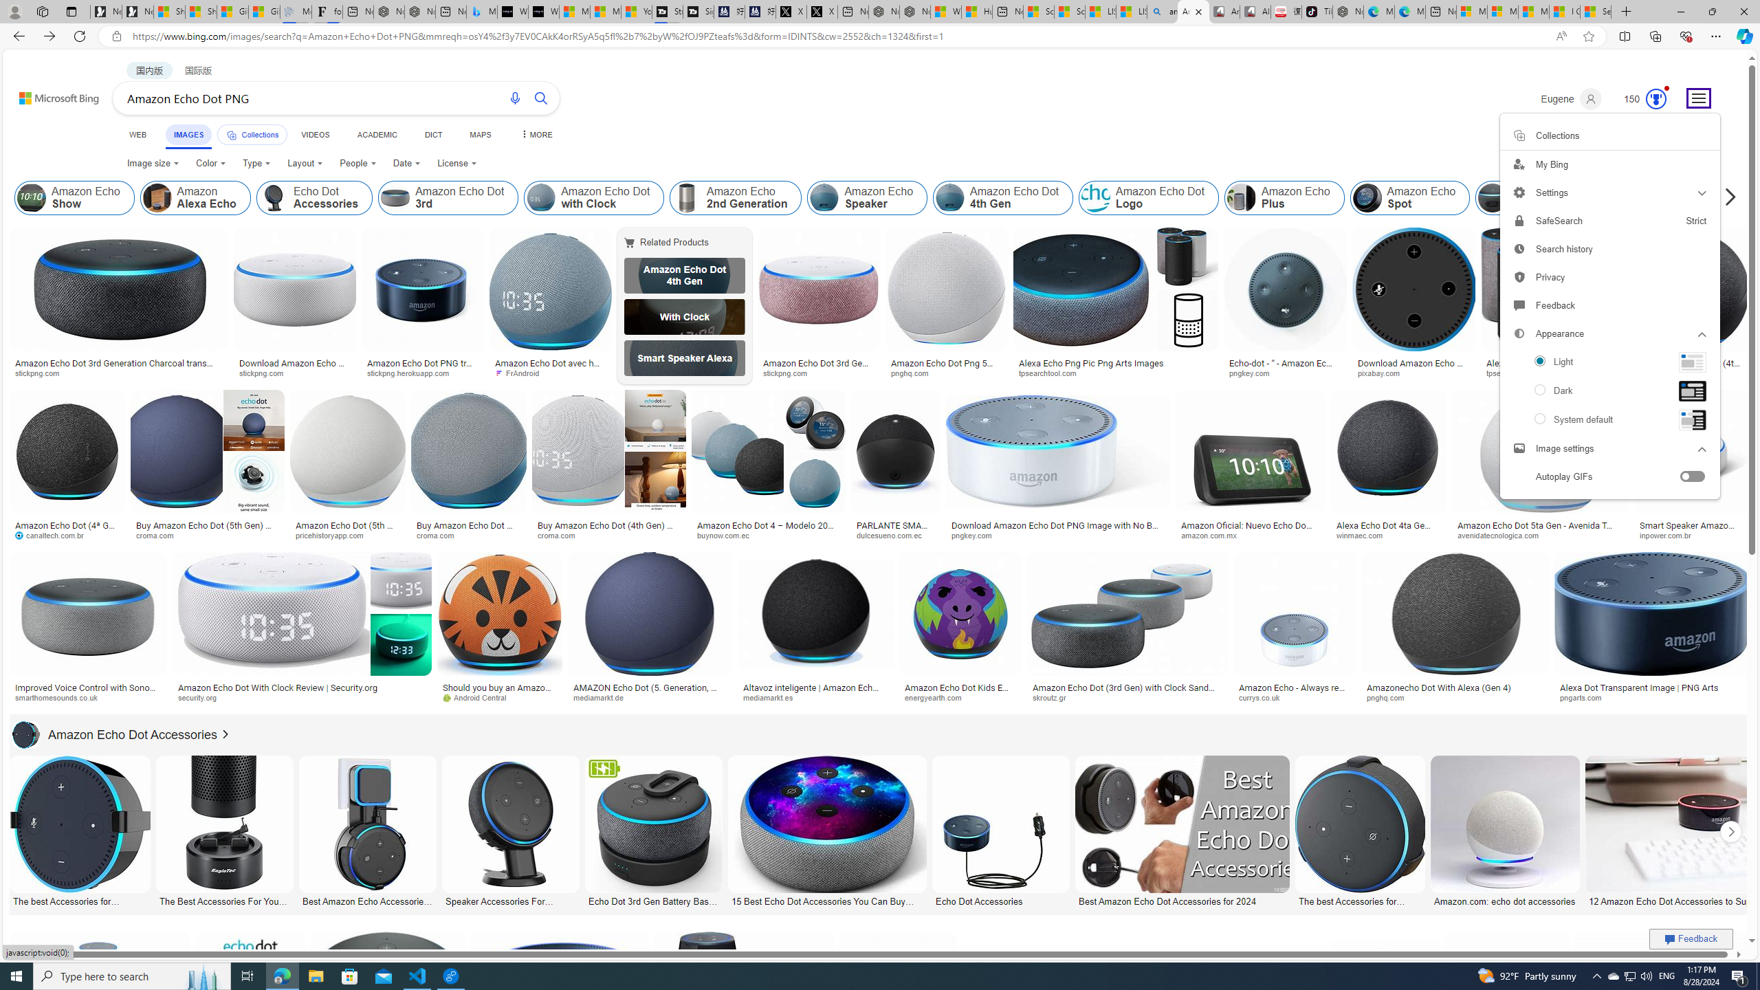 This screenshot has height=990, width=1760. I want to click on 'Image settings Image settings', so click(1609, 448).